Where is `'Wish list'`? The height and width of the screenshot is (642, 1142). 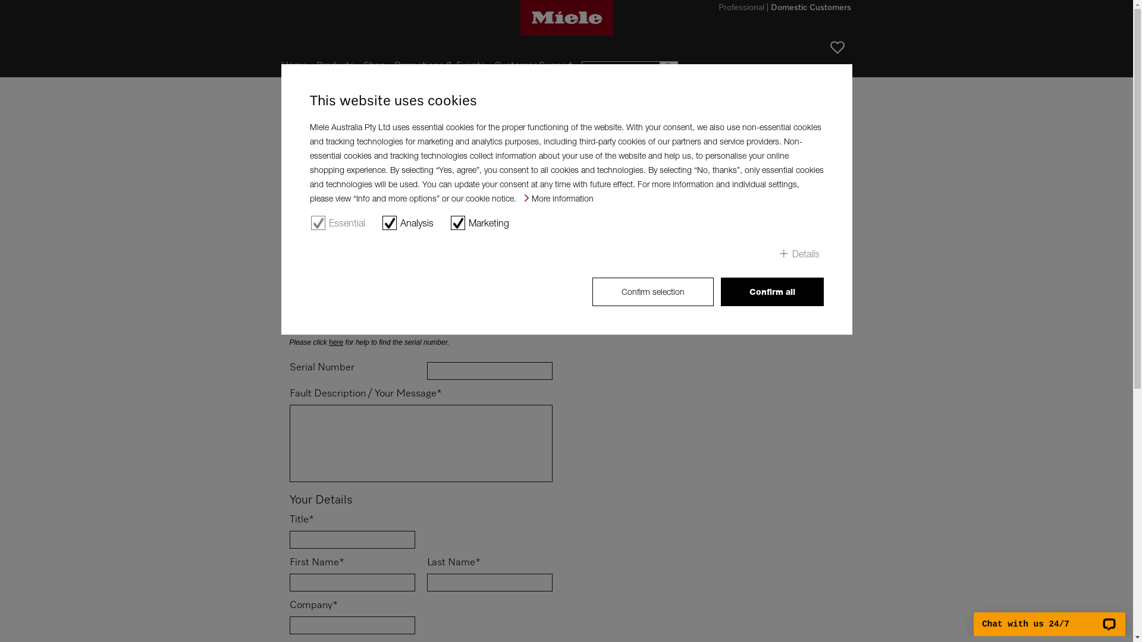
'Wish list' is located at coordinates (830, 47).